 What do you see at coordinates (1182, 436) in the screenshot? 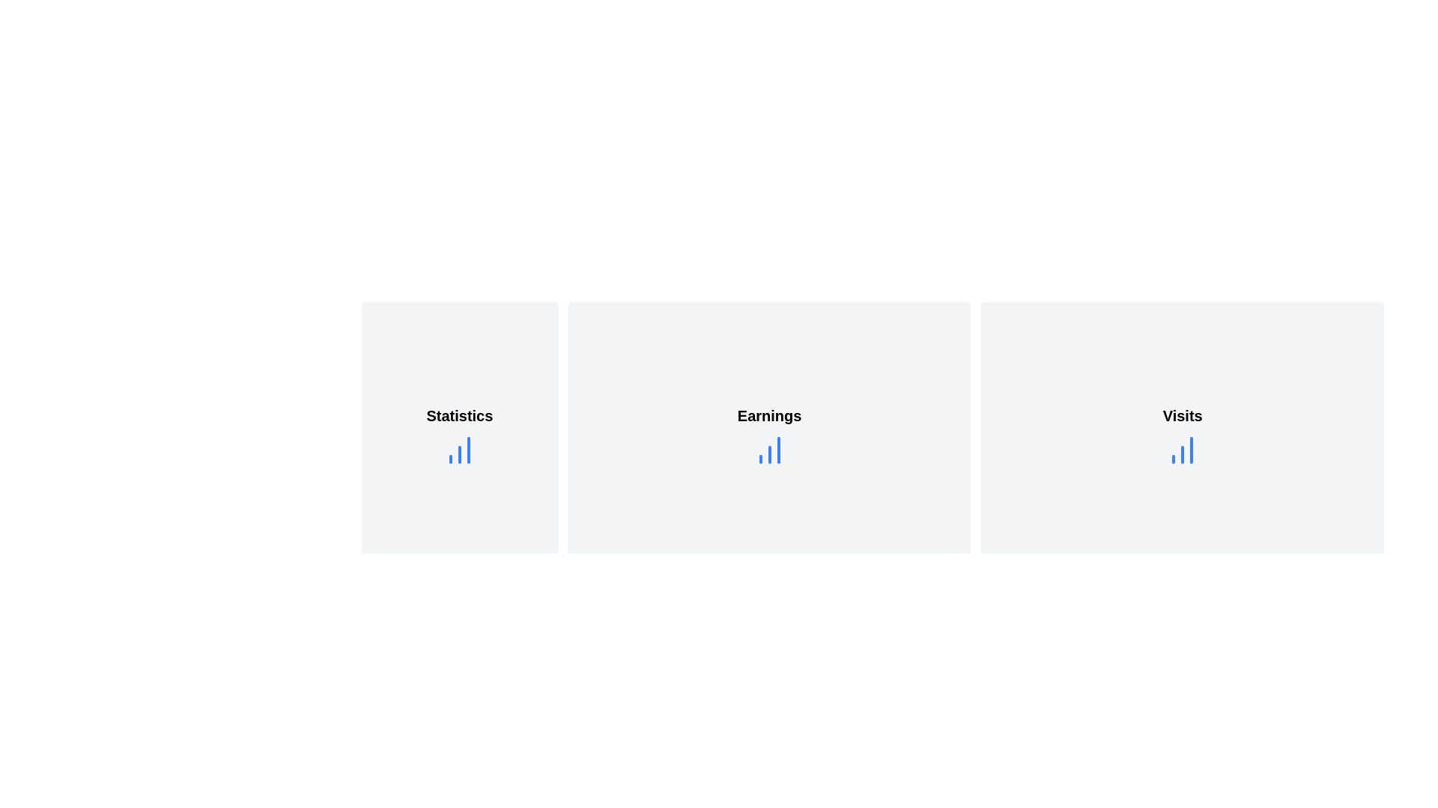
I see `the 'Visits' summary card, which is the first card among three sibling cards at the top of the column` at bounding box center [1182, 436].